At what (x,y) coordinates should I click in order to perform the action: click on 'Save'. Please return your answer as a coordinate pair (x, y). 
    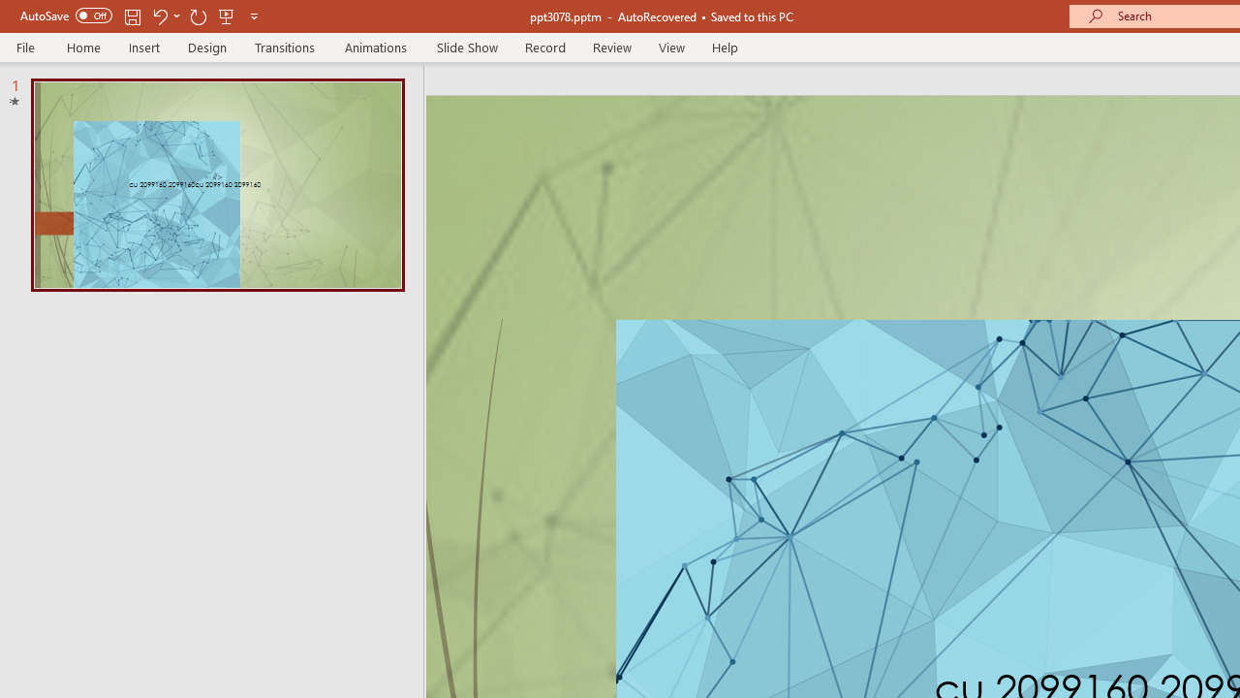
    Looking at the image, I should click on (131, 16).